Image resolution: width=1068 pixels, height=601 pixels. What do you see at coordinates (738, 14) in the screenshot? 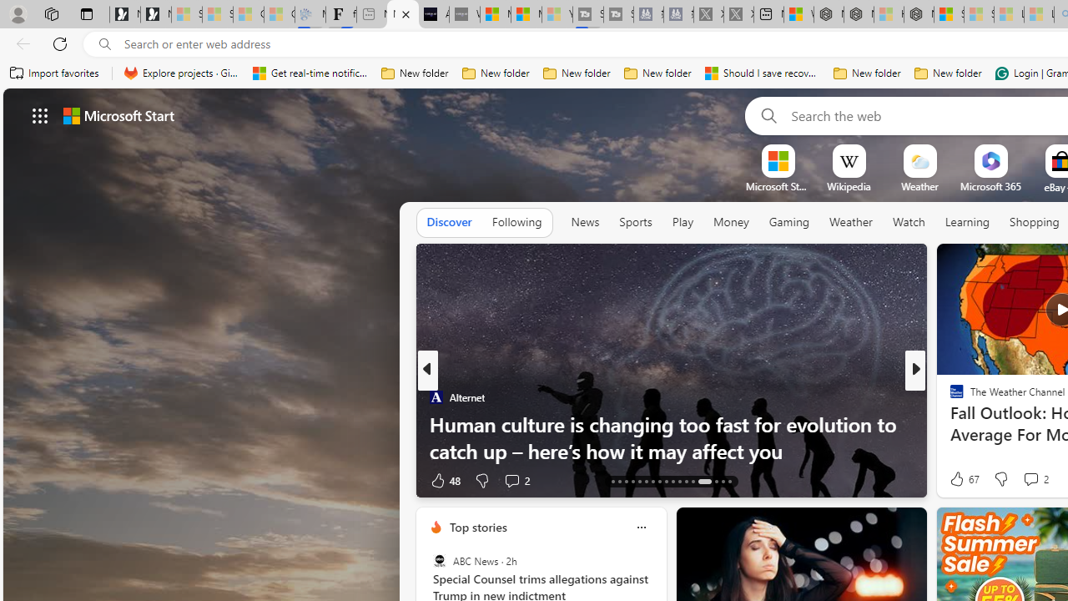
I see `'X - Sleeping'` at bounding box center [738, 14].